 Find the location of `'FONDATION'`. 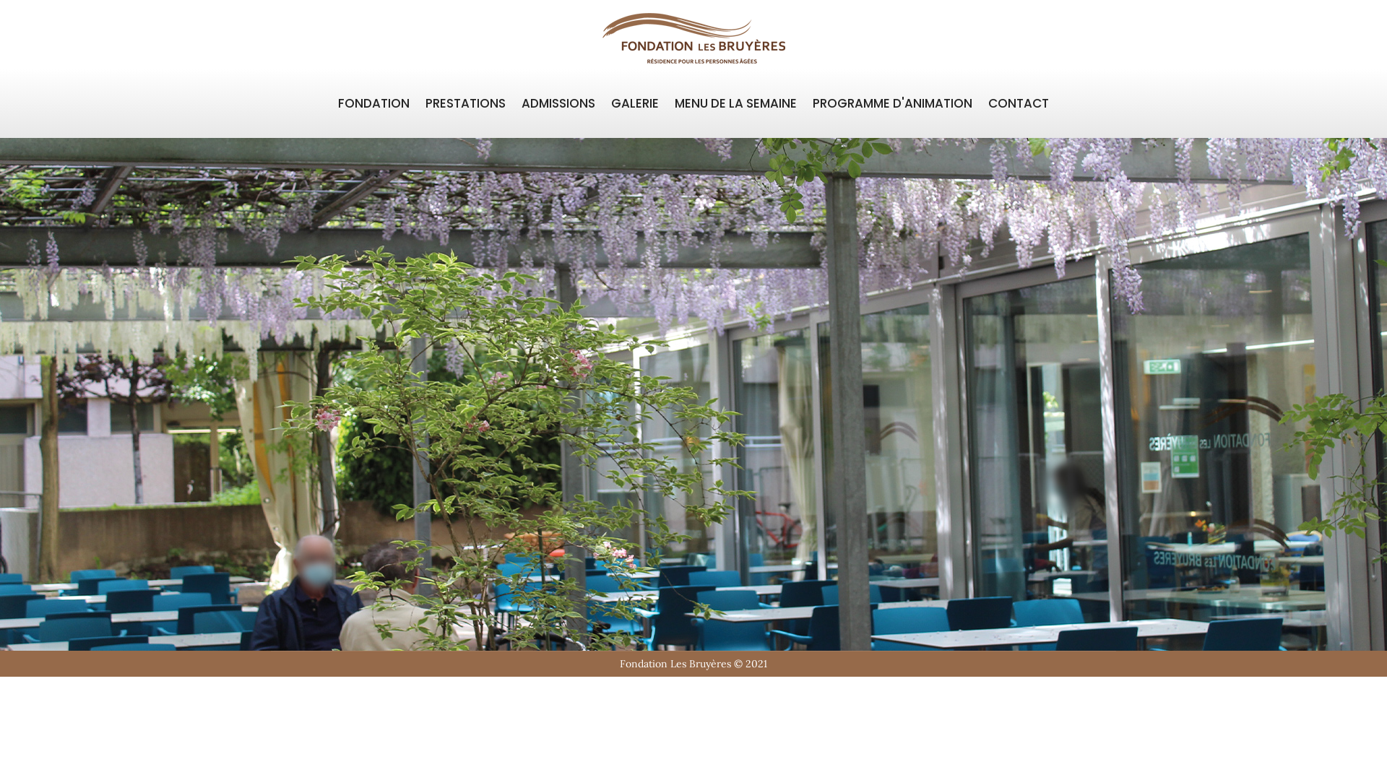

'FONDATION' is located at coordinates (373, 103).